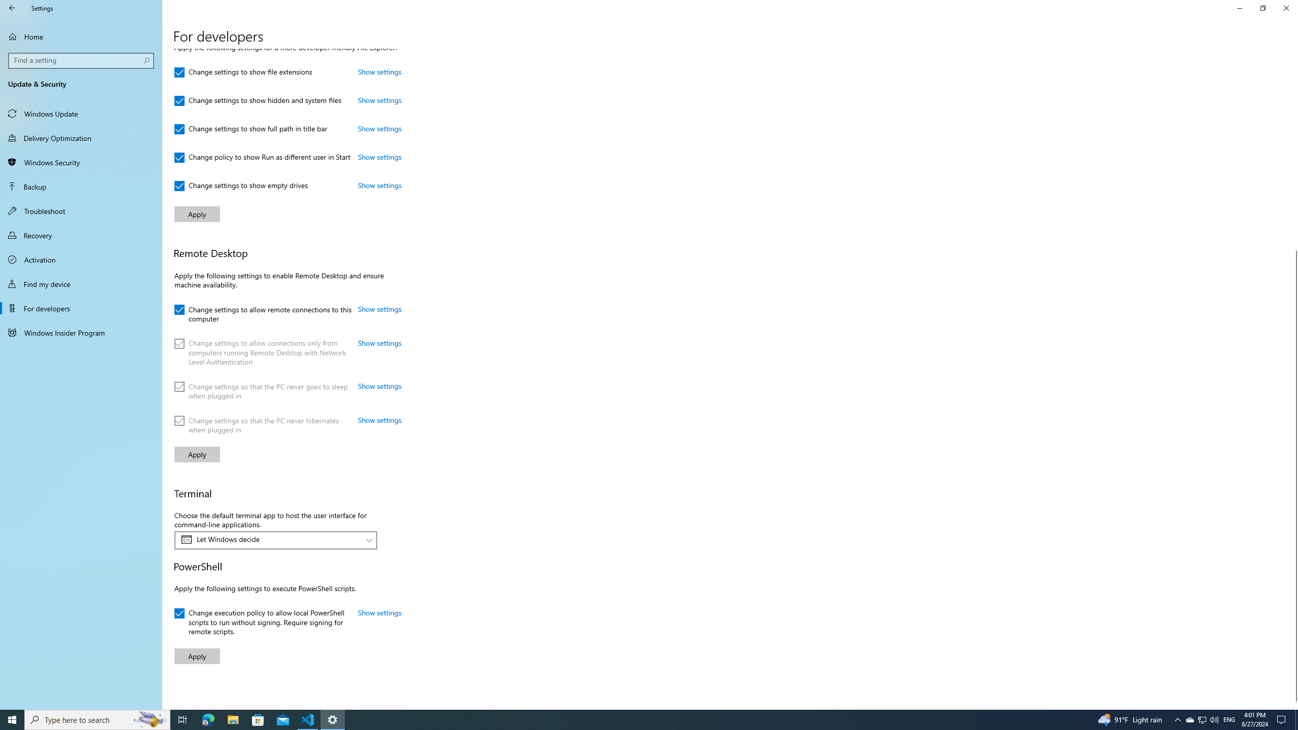 This screenshot has width=1298, height=730. Describe the element at coordinates (379, 71) in the screenshot. I see `'Show settings: Change settings to show file extensions'` at that location.